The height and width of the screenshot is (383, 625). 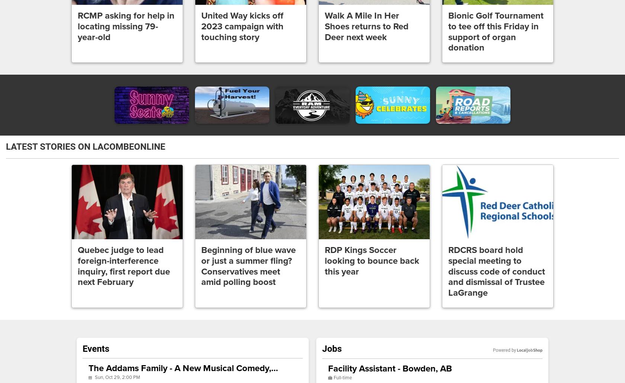 What do you see at coordinates (448, 271) in the screenshot?
I see `'RDCRS board hold special meeting to discuss code of conduct and dismissal of Trustee LaGrange'` at bounding box center [448, 271].